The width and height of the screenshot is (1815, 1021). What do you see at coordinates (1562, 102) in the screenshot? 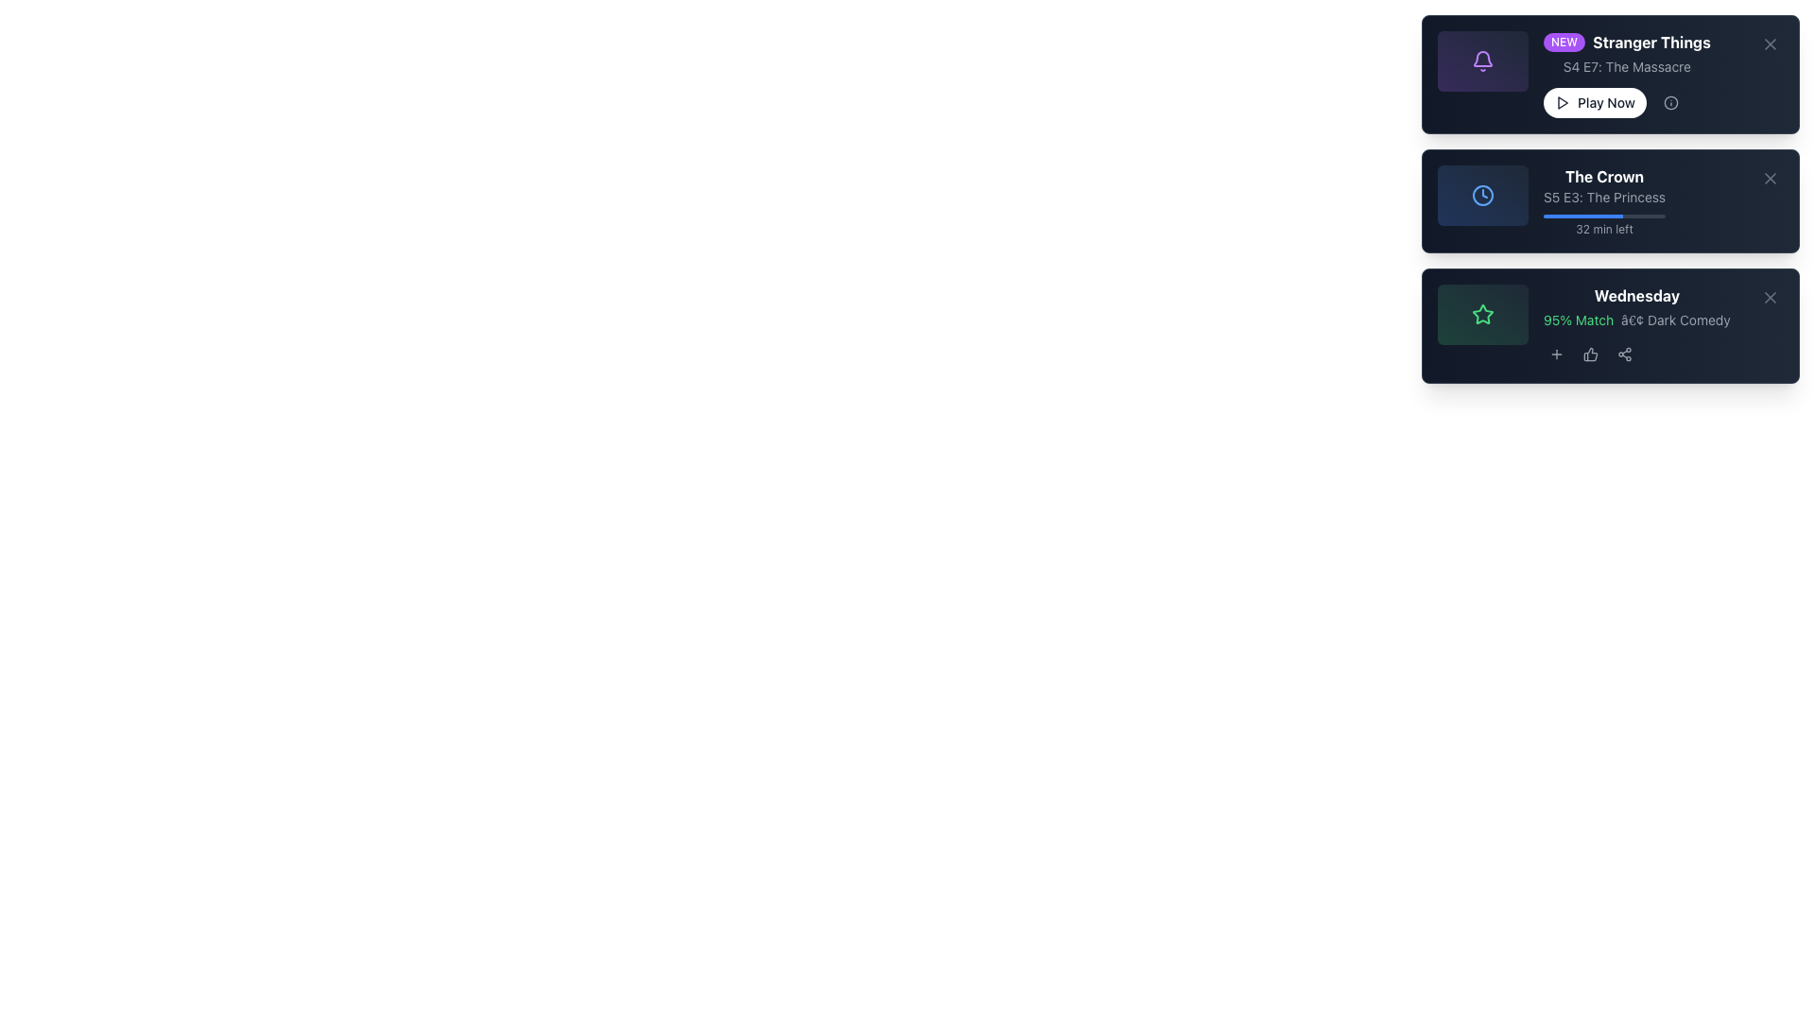
I see `the play button icon, which is a hollow triangular play symbol outlined in dark color, located inside the 'Play Now' button at the top right corner of the top card` at bounding box center [1562, 102].